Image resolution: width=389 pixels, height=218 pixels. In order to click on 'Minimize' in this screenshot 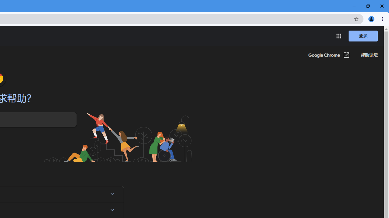, I will do `click(354, 6)`.